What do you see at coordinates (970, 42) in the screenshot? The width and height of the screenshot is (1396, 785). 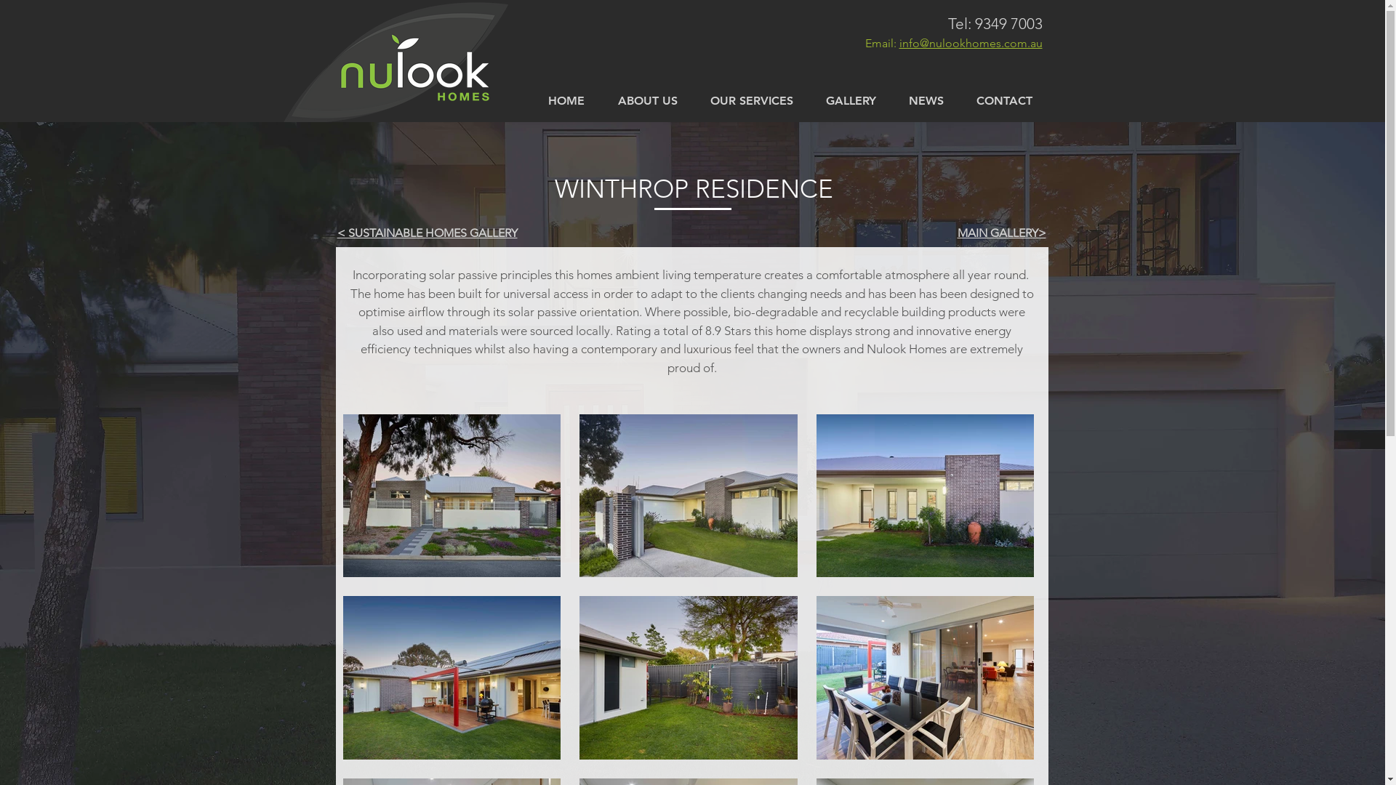 I see `'info@nulookhomes.com.au'` at bounding box center [970, 42].